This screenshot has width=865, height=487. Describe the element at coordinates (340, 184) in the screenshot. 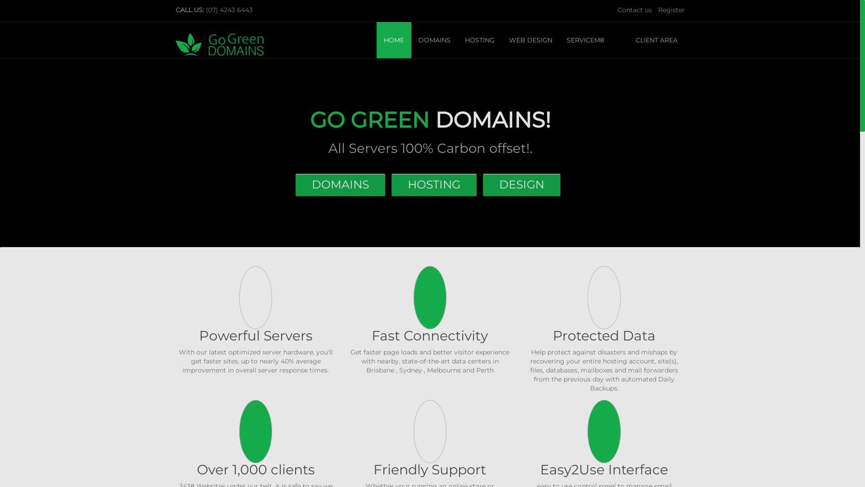

I see `'DOMAINS'` at that location.